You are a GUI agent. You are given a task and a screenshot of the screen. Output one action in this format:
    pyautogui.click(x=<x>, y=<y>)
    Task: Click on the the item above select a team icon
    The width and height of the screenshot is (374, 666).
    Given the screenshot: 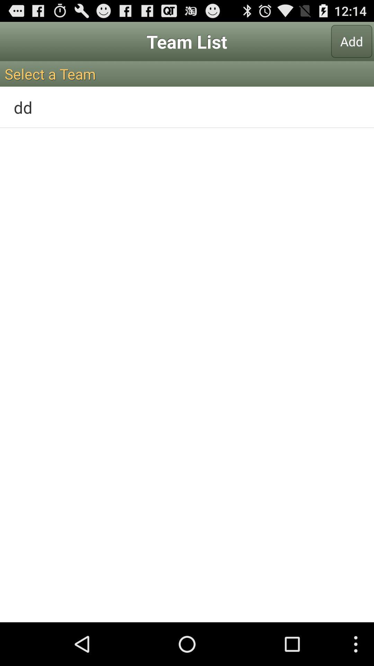 What is the action you would take?
    pyautogui.click(x=351, y=41)
    